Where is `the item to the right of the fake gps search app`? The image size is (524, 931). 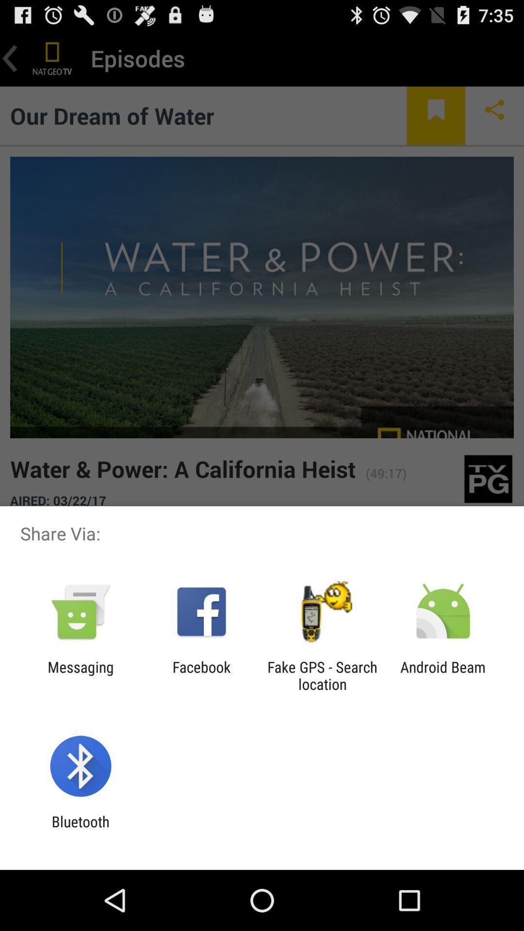 the item to the right of the fake gps search app is located at coordinates (443, 675).